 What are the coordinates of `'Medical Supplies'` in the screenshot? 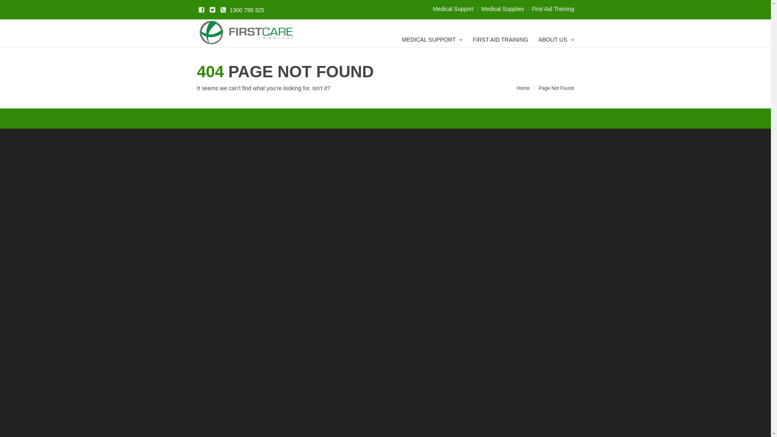 It's located at (502, 9).